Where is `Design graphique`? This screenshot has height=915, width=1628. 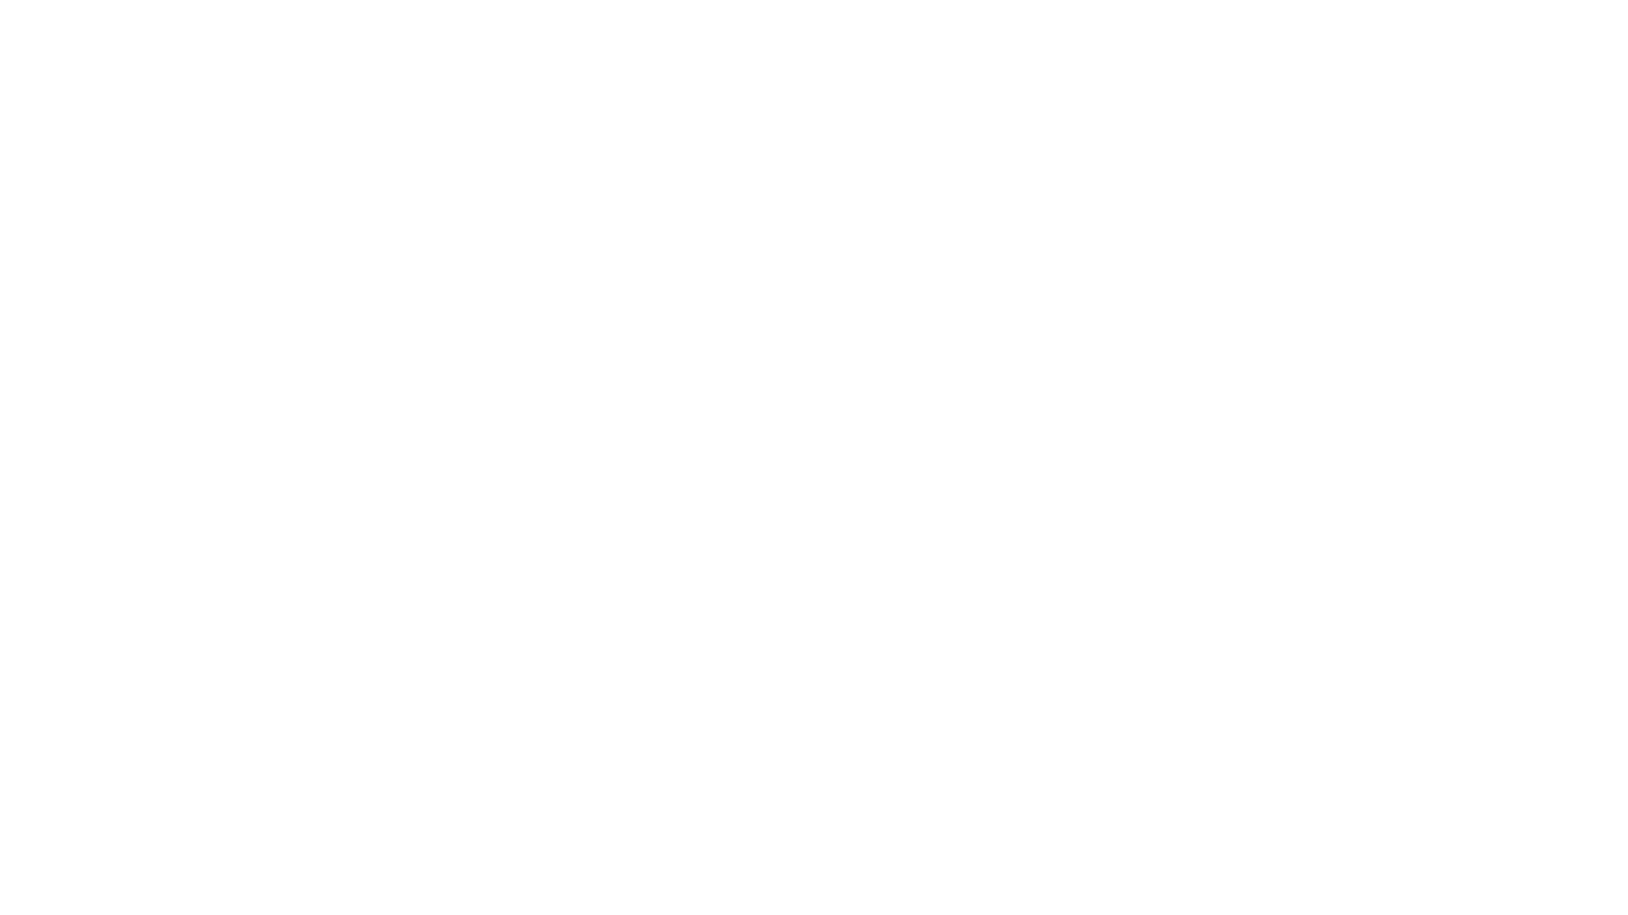
Design graphique is located at coordinates (733, 141).